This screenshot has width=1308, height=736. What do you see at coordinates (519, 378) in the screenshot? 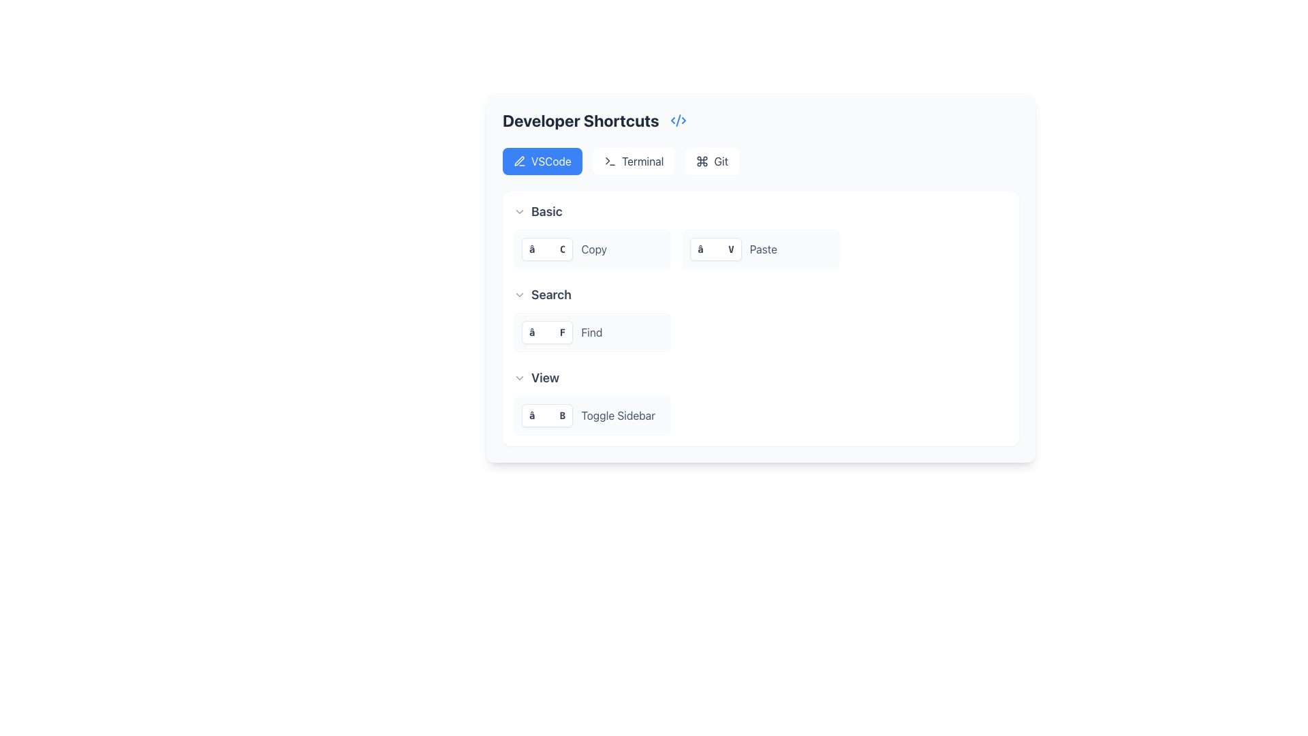
I see `the chevron icon indicating a collapsible dropdown menu associated with the 'View' label, located to the immediate left of the text 'View'` at bounding box center [519, 378].